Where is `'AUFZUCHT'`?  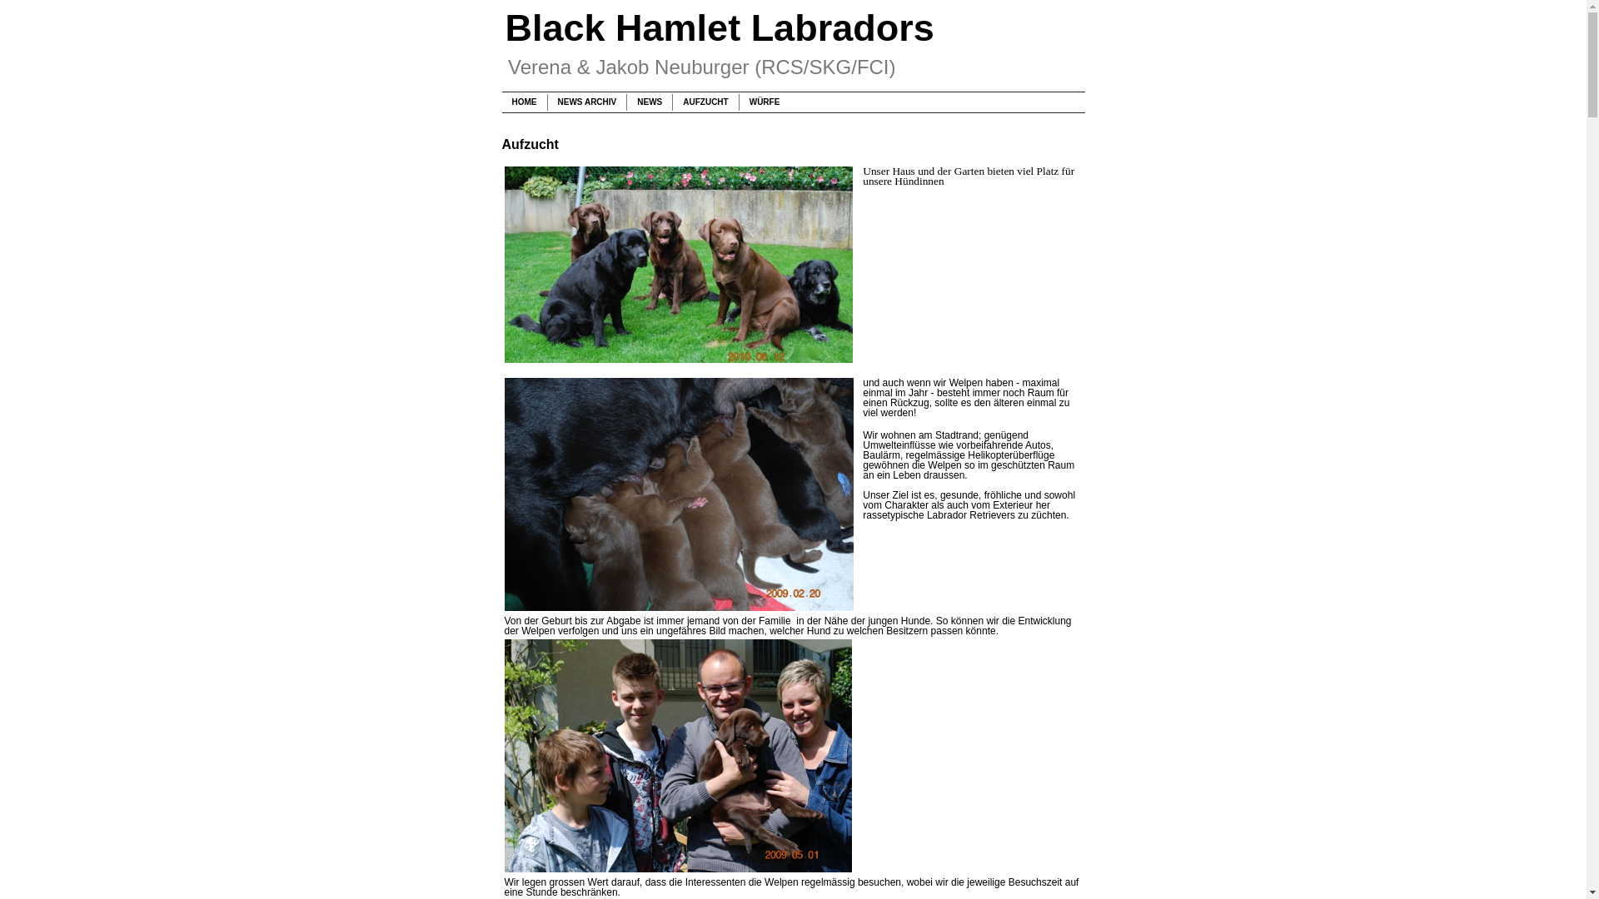 'AUFZUCHT' is located at coordinates (705, 102).